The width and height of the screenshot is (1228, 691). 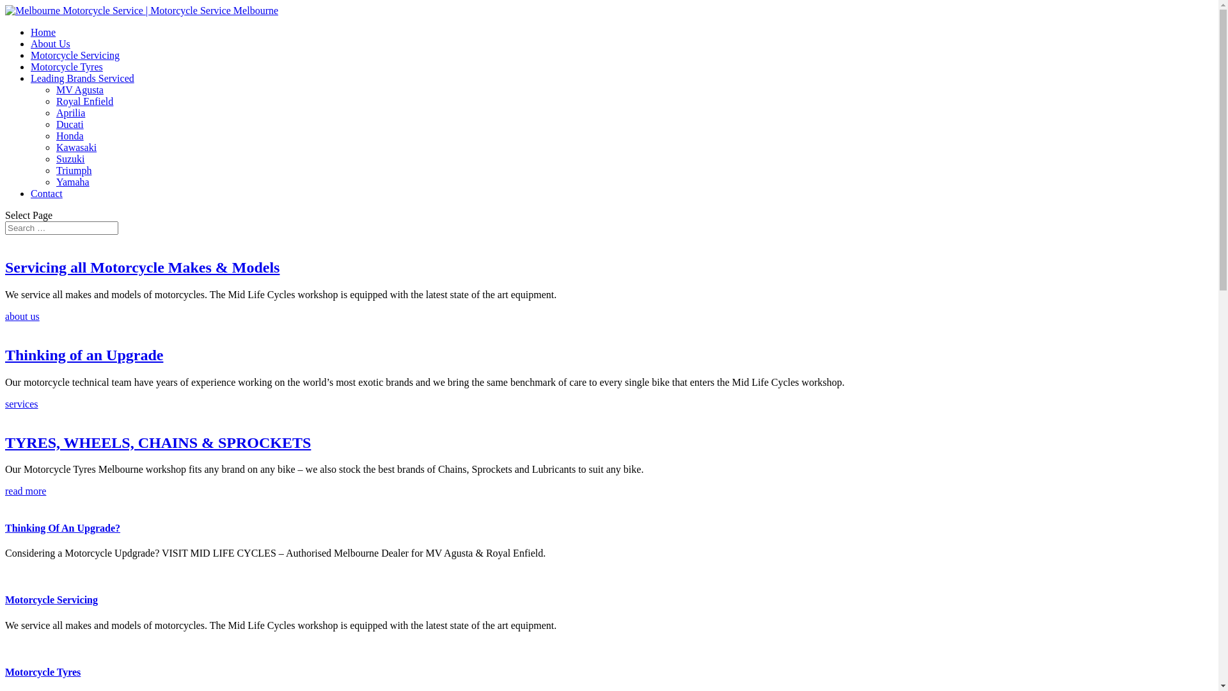 What do you see at coordinates (75, 147) in the screenshot?
I see `'Kawasaki'` at bounding box center [75, 147].